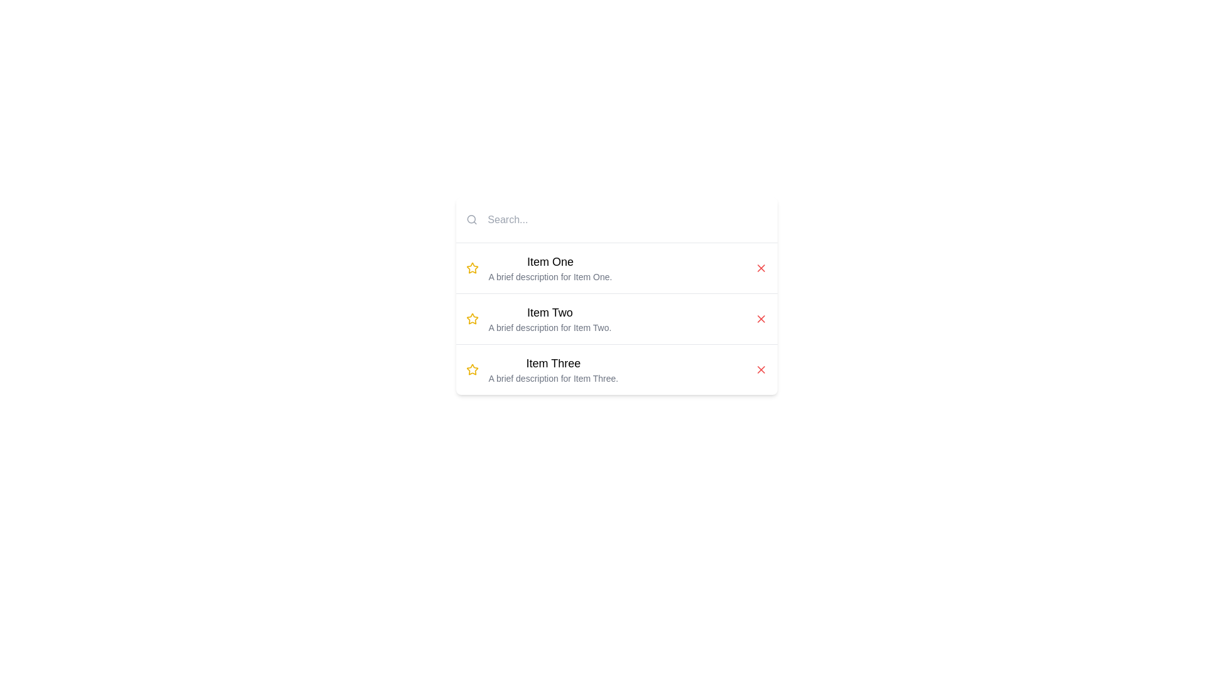 This screenshot has height=677, width=1205. What do you see at coordinates (760, 268) in the screenshot?
I see `the close or deletion icon located on the far-right side of the first item's row in the vertical list` at bounding box center [760, 268].